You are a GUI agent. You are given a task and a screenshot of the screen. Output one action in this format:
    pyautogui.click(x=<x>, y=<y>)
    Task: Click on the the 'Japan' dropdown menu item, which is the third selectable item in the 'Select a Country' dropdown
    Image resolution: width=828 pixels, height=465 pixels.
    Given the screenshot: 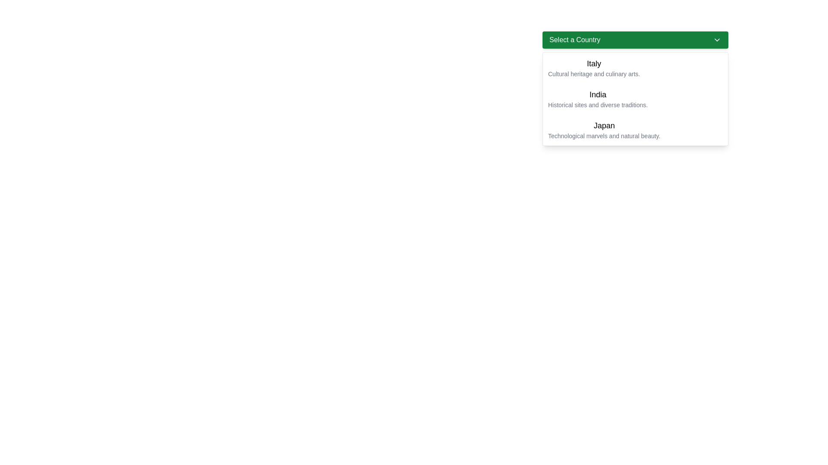 What is the action you would take?
    pyautogui.click(x=604, y=130)
    